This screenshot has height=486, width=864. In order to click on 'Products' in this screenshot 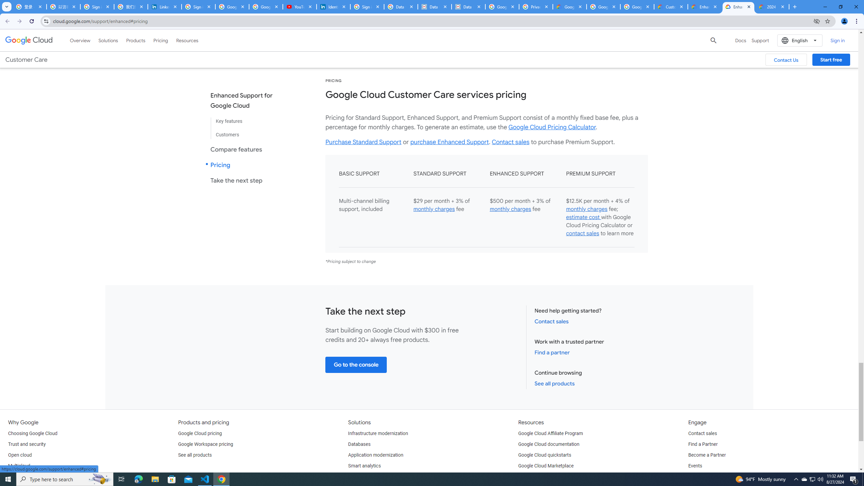, I will do `click(135, 40)`.